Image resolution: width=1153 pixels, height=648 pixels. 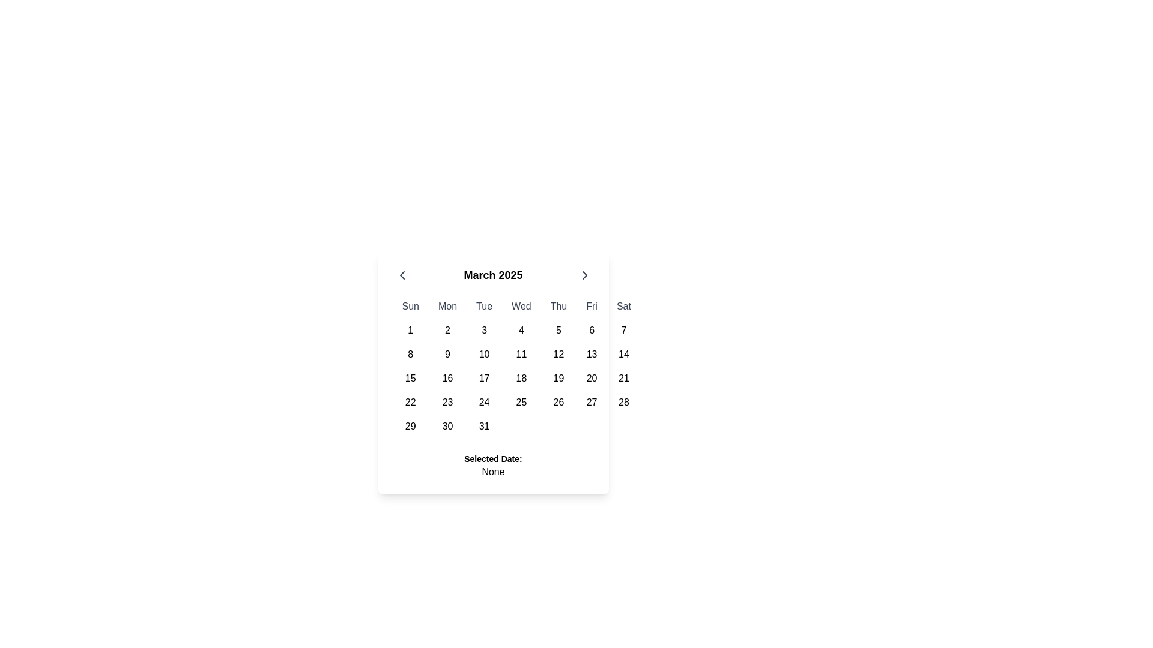 What do you see at coordinates (623, 403) in the screenshot?
I see `the button-like text element displaying '28' in black on a white background, located in the Saturday column of the calendar interface` at bounding box center [623, 403].